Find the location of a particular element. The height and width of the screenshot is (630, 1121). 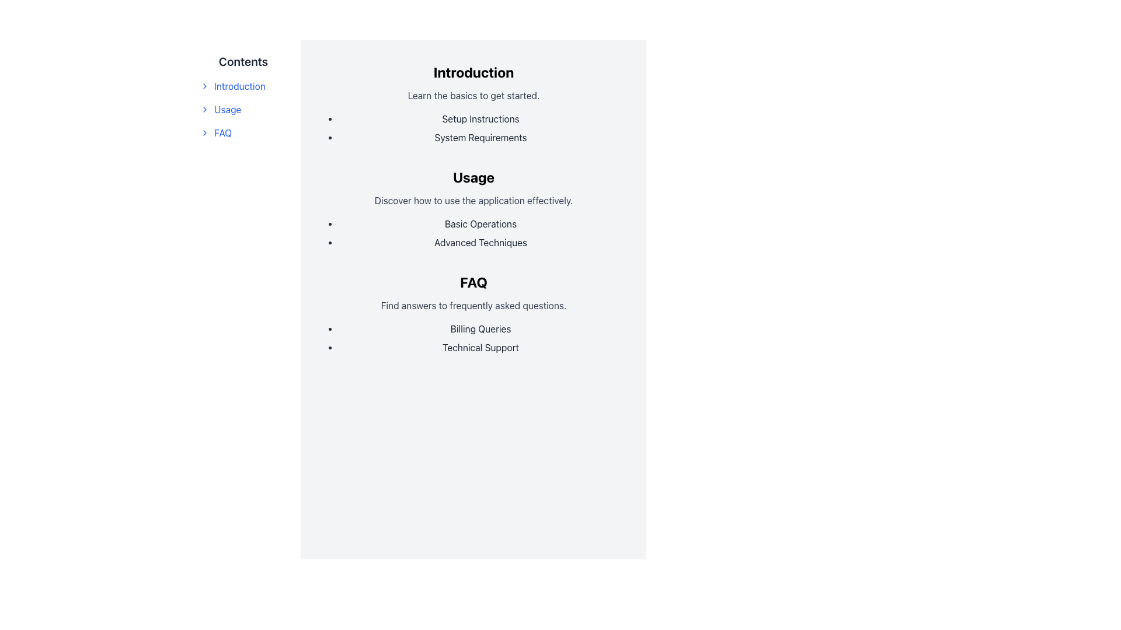

the items in the vertical bullet list containing 'Setup Instructions' and 'System Requirements' located in the 'Introduction' section below the heading 'Learn the basics to get started.' is located at coordinates (474, 128).